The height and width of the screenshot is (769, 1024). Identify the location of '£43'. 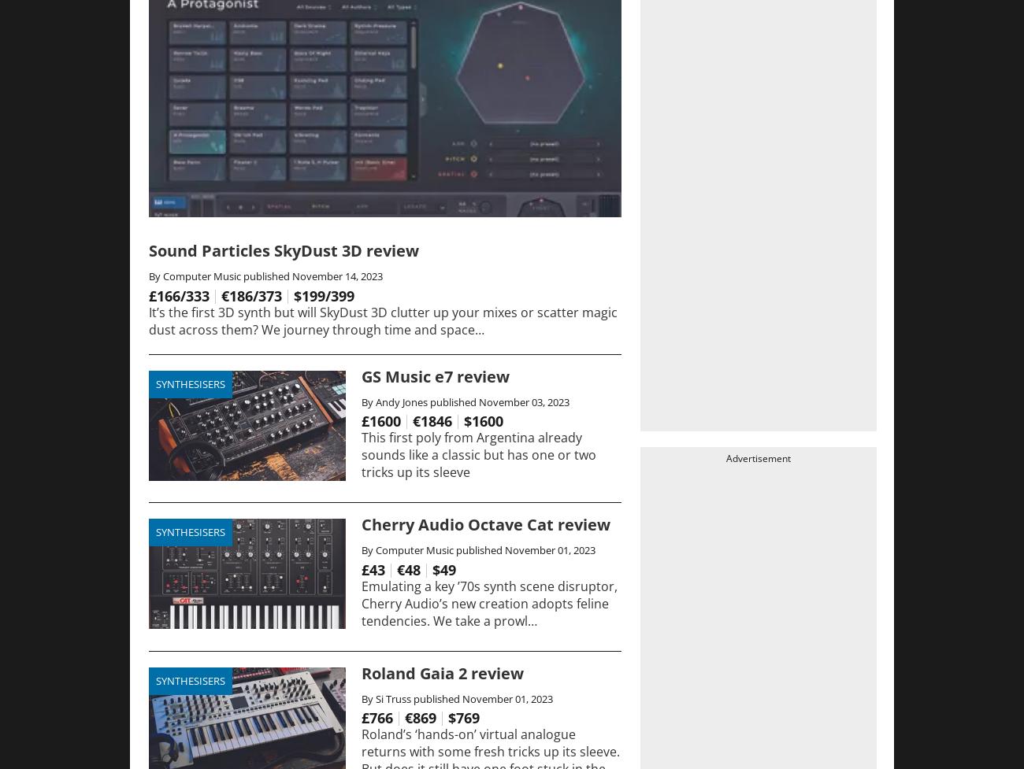
(372, 568).